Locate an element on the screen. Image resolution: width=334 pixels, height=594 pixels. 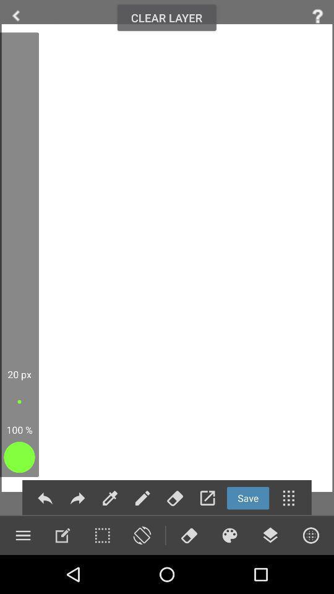
eraser is located at coordinates (174, 498).